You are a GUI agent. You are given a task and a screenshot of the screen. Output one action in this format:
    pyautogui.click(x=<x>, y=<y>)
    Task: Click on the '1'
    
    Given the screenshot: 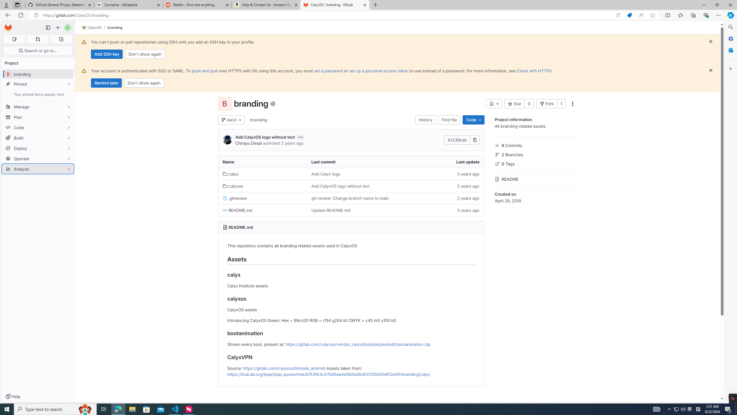 What is the action you would take?
    pyautogui.click(x=561, y=104)
    